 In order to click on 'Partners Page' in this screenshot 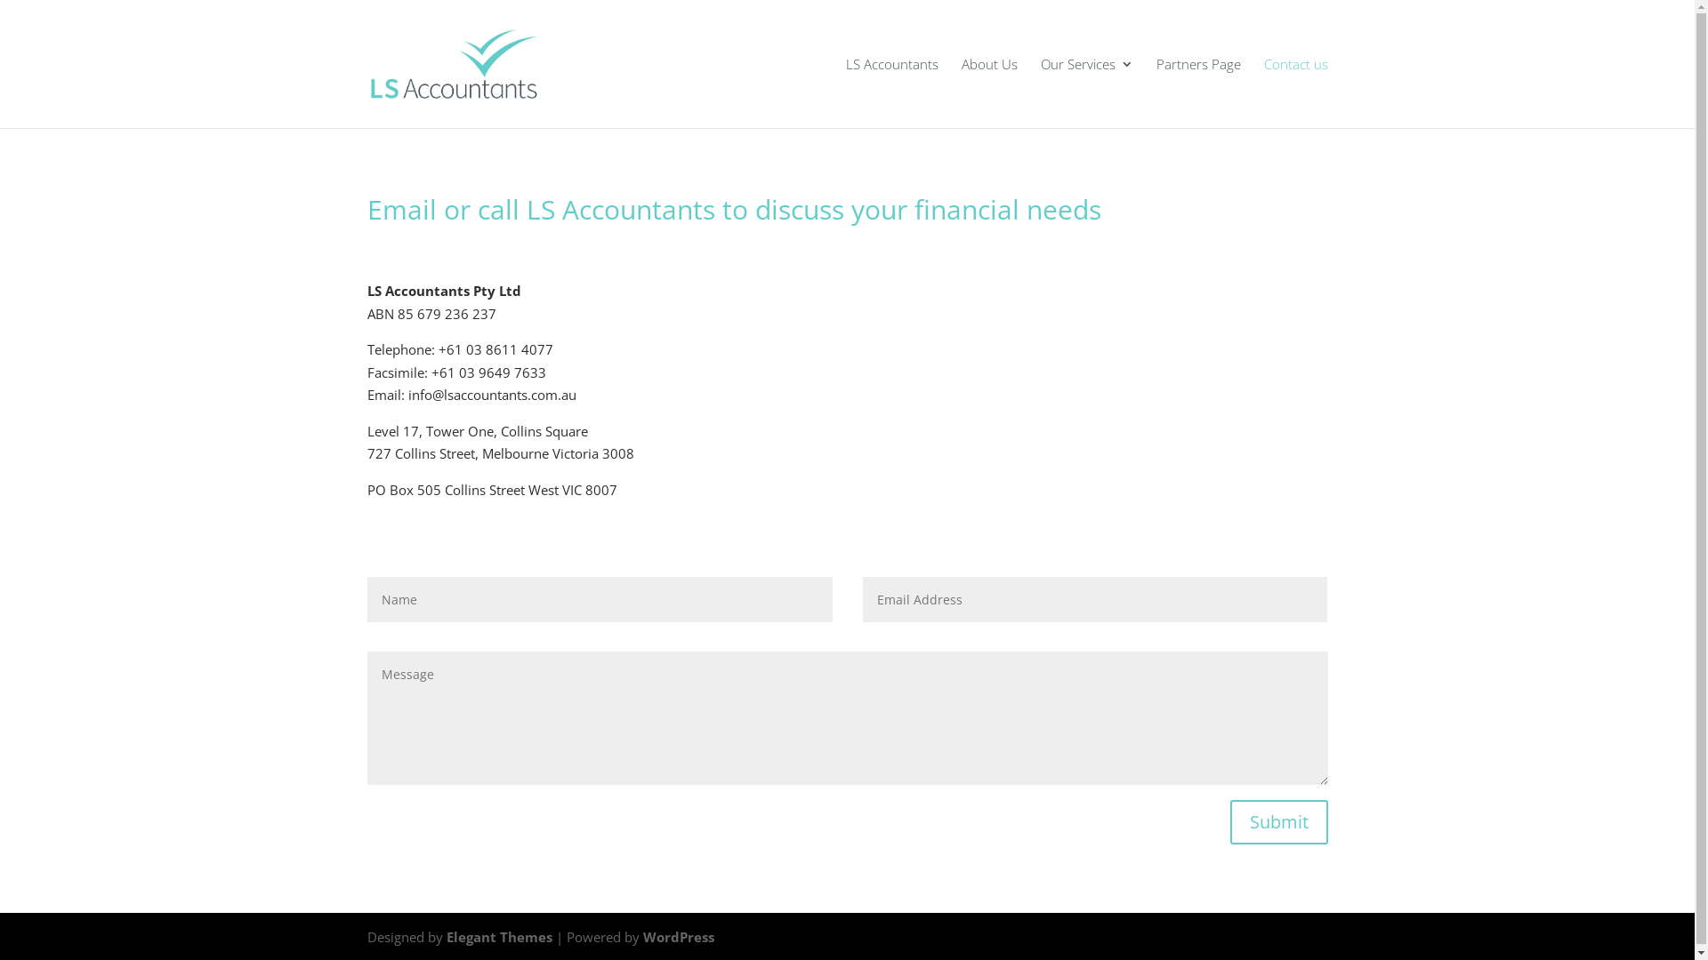, I will do `click(1198, 92)`.